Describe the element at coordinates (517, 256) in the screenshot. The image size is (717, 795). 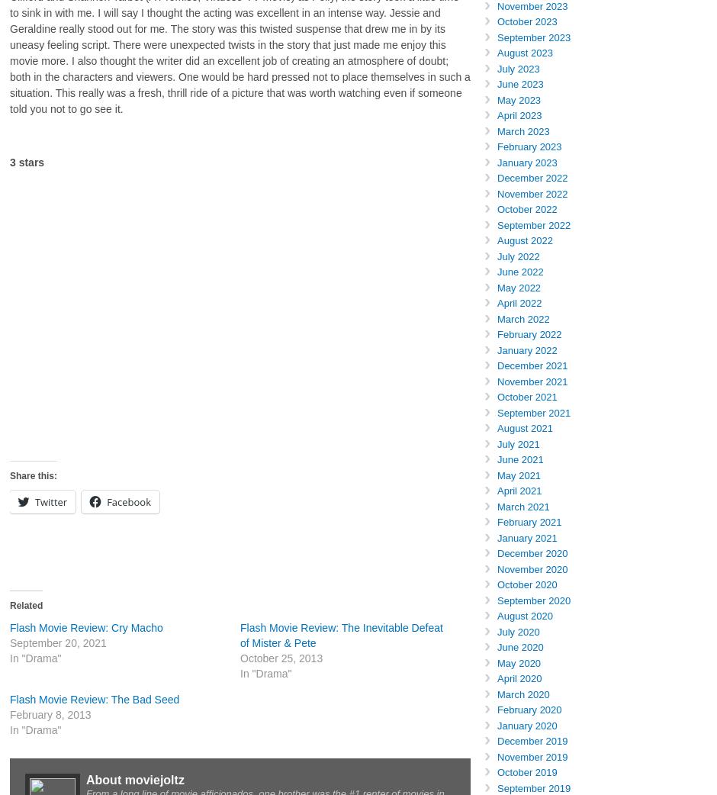
I see `'July 2022'` at that location.